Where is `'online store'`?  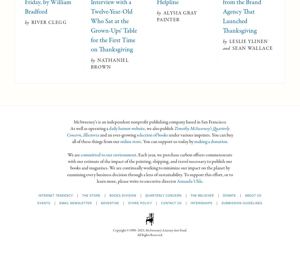 'online store' is located at coordinates (130, 141).